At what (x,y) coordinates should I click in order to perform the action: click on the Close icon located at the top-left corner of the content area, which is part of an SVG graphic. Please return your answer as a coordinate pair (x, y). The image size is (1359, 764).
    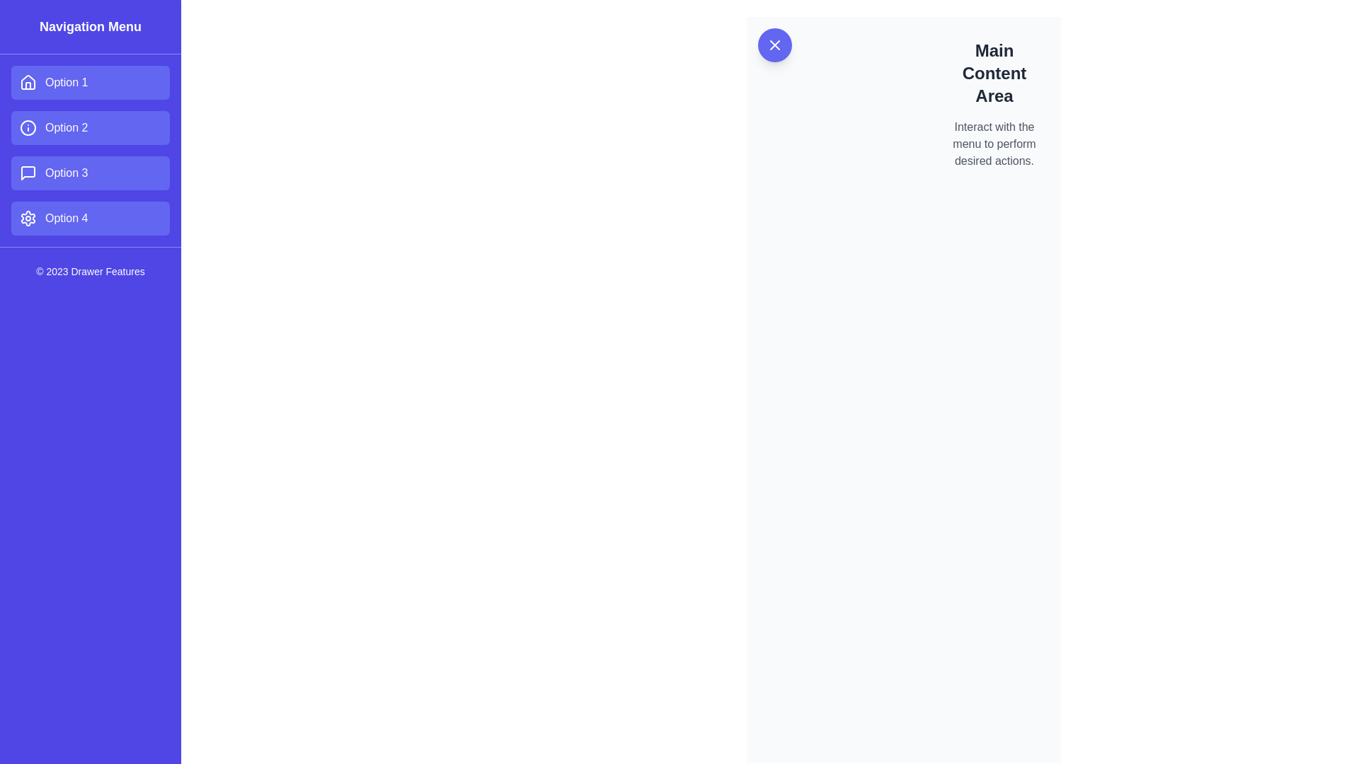
    Looking at the image, I should click on (774, 45).